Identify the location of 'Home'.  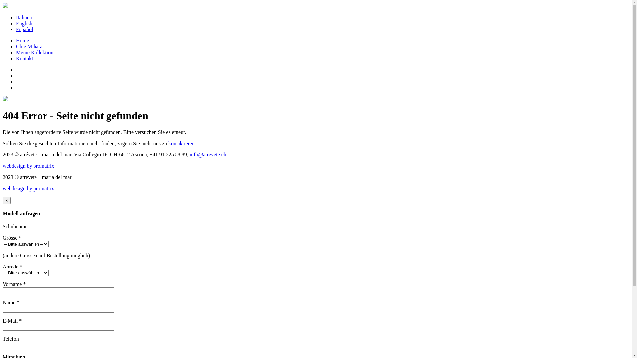
(16, 40).